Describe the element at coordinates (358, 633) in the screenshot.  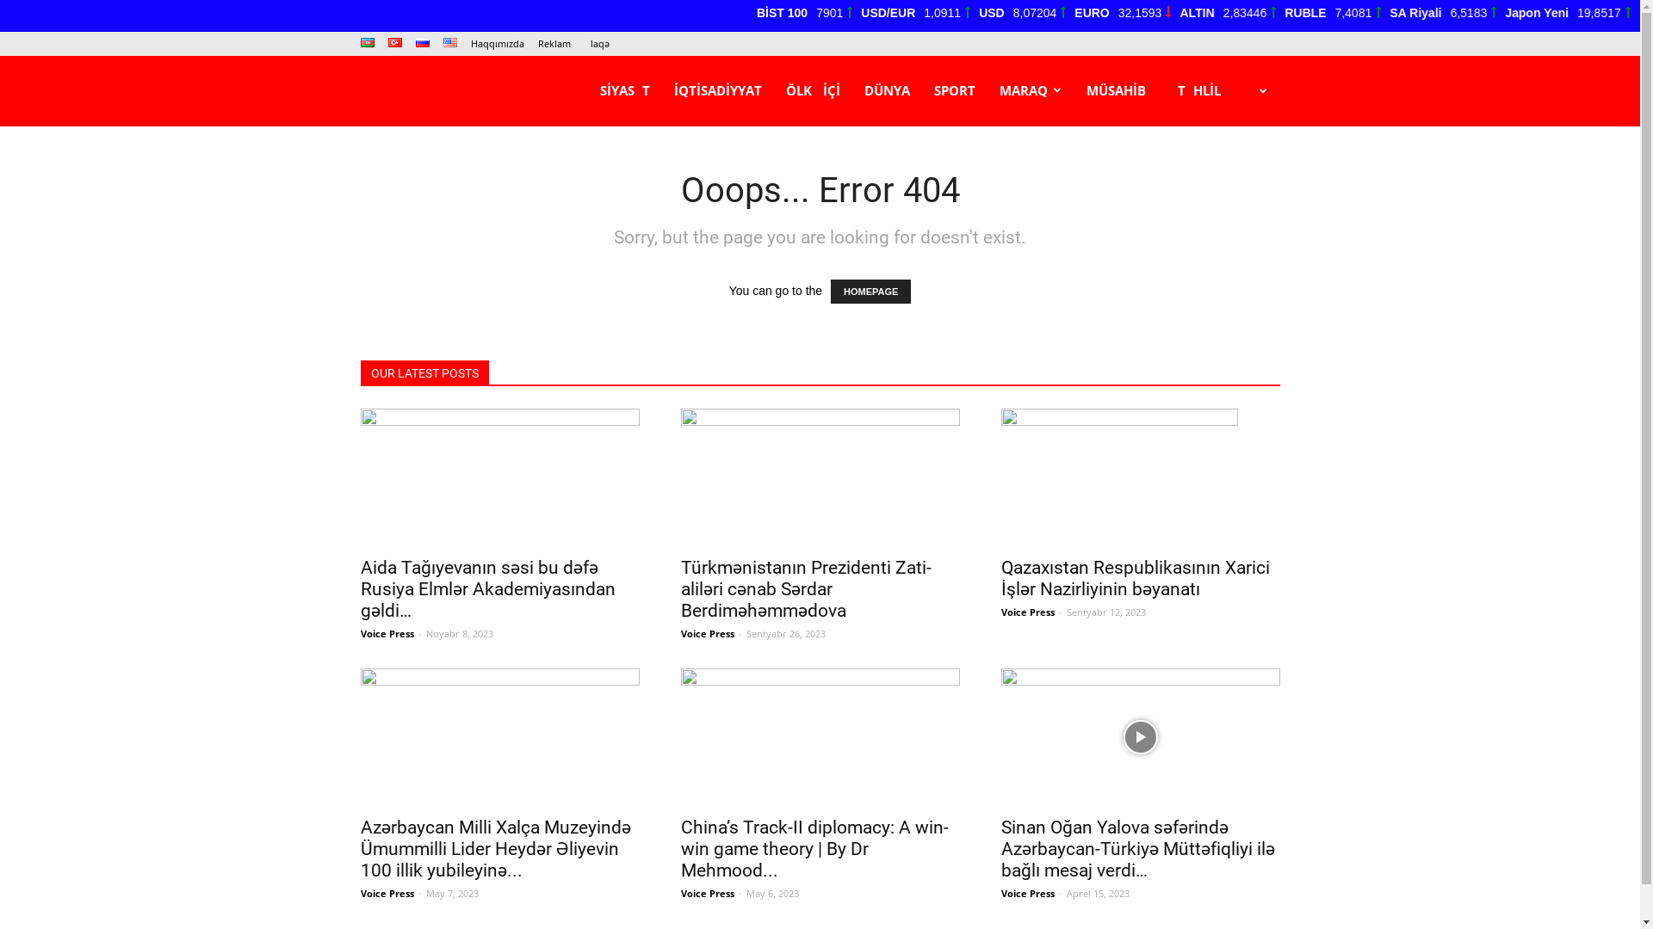
I see `'Voice Press'` at that location.